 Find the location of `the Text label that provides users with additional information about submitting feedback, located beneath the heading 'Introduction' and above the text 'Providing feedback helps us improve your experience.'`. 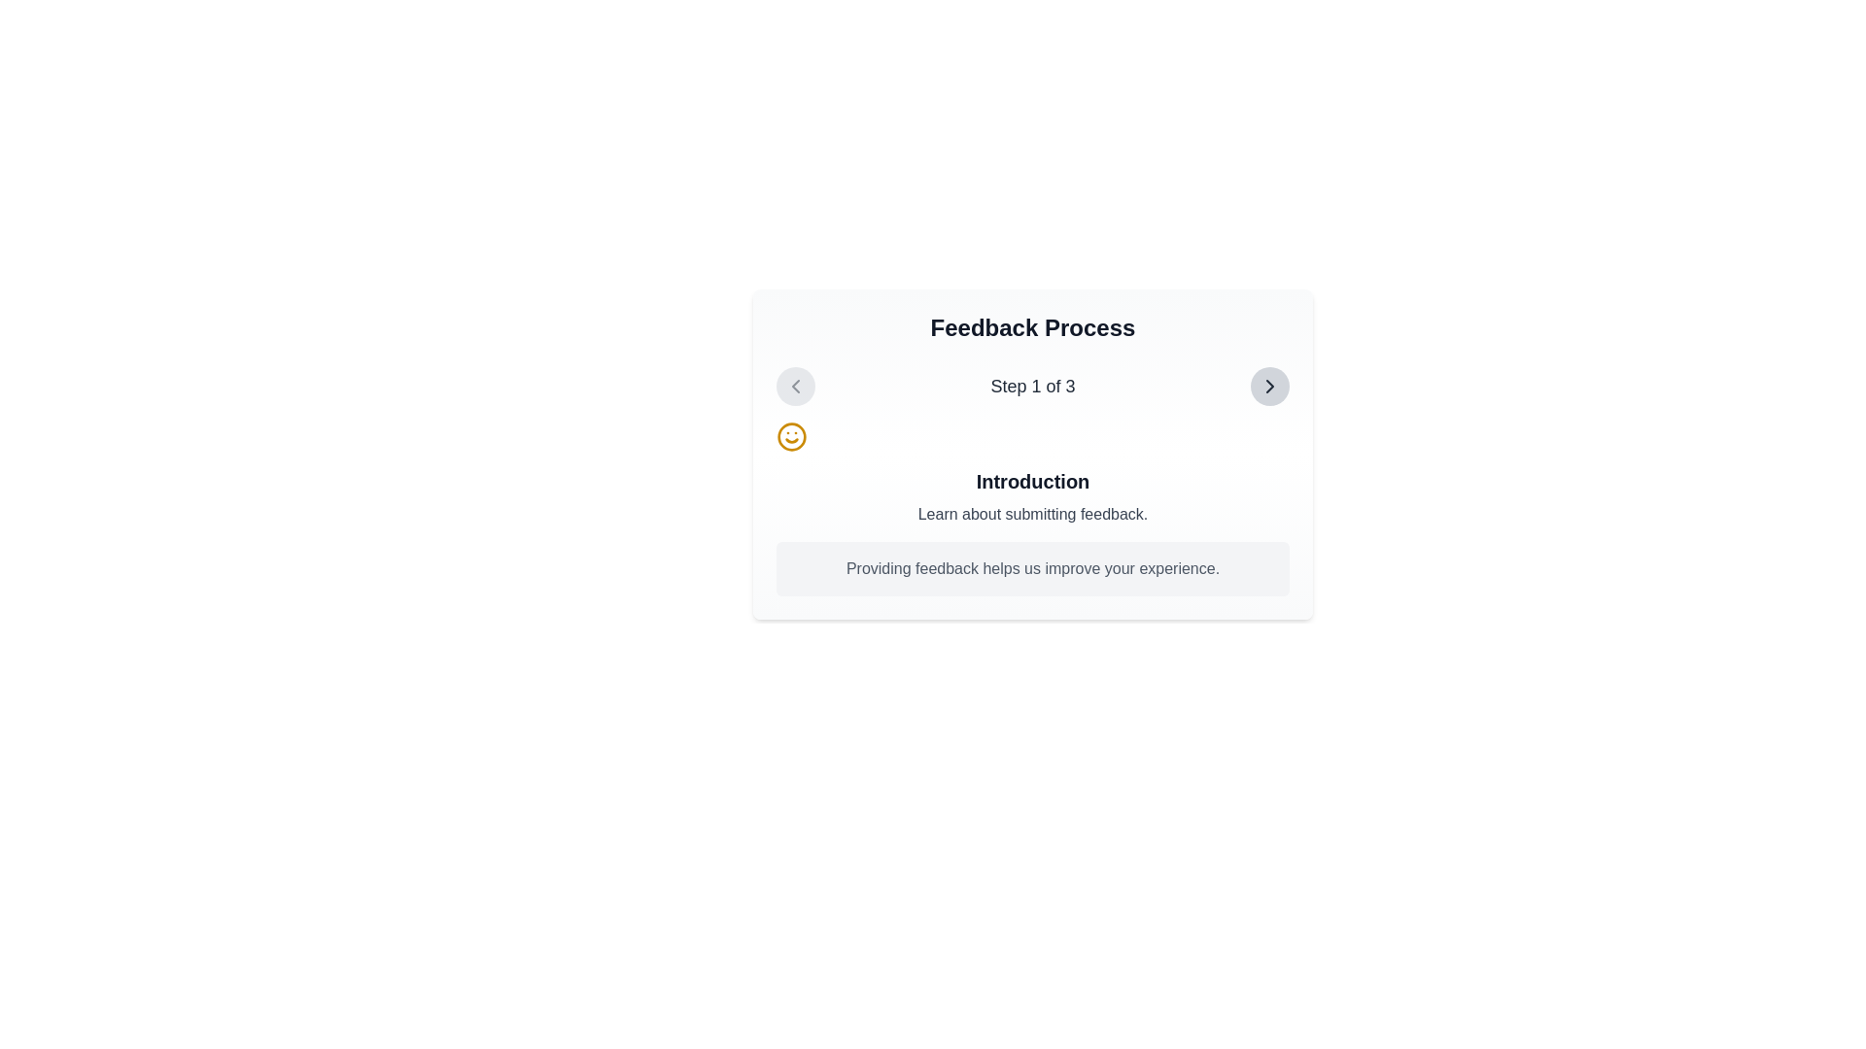

the Text label that provides users with additional information about submitting feedback, located beneath the heading 'Introduction' and above the text 'Providing feedback helps us improve your experience.' is located at coordinates (1031, 513).